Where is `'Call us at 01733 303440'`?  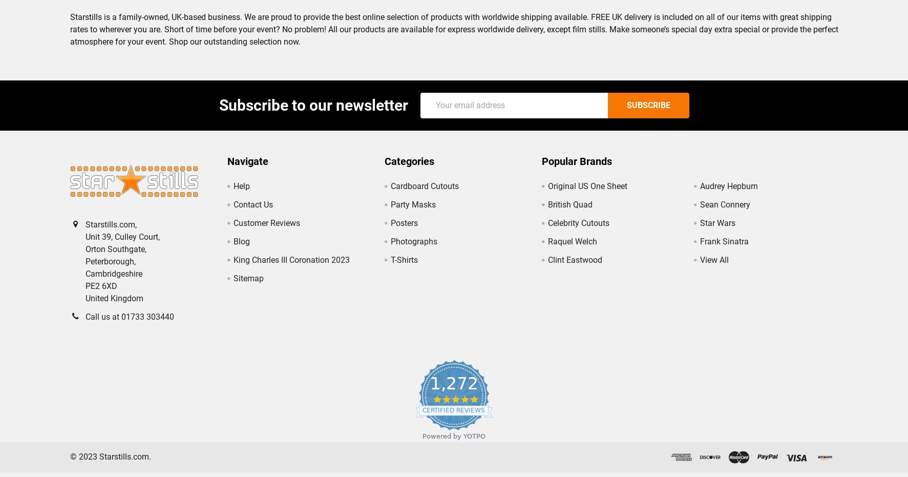
'Call us at 01733 303440' is located at coordinates (85, 325).